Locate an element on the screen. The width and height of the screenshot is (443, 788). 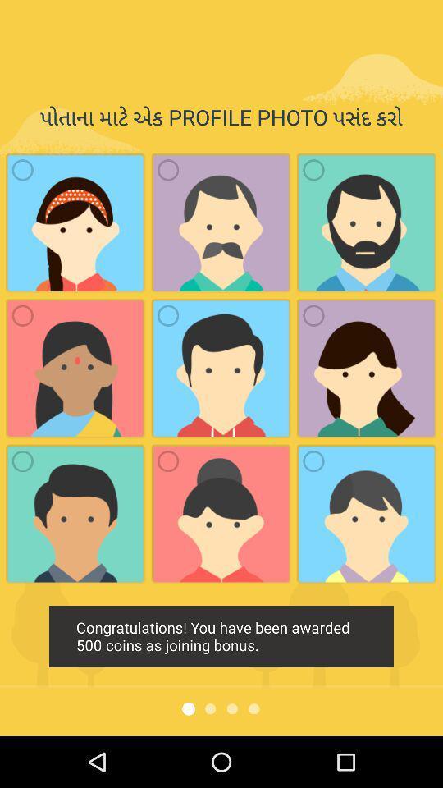
the second image in the third row from the top is located at coordinates (221, 513).